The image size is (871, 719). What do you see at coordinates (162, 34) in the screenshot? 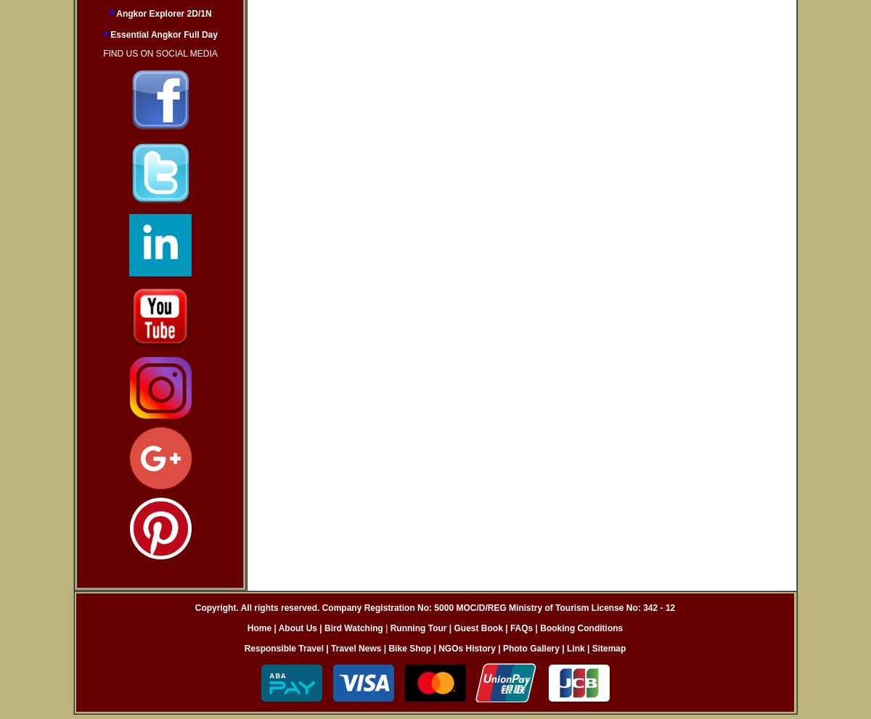
I see `'Essential Angkor Full Day'` at bounding box center [162, 34].